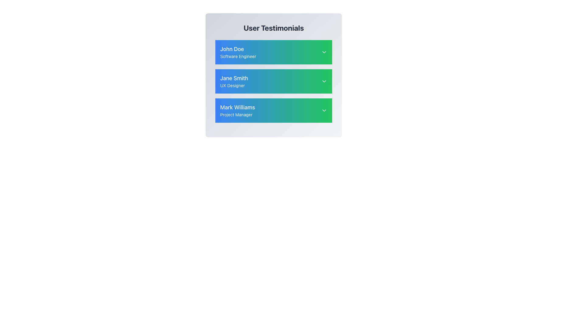 Image resolution: width=584 pixels, height=328 pixels. Describe the element at coordinates (273, 28) in the screenshot. I see `the centered textual heading labeled 'User Testimonials' that is bold and positioned at the top center of the card-like component` at that location.